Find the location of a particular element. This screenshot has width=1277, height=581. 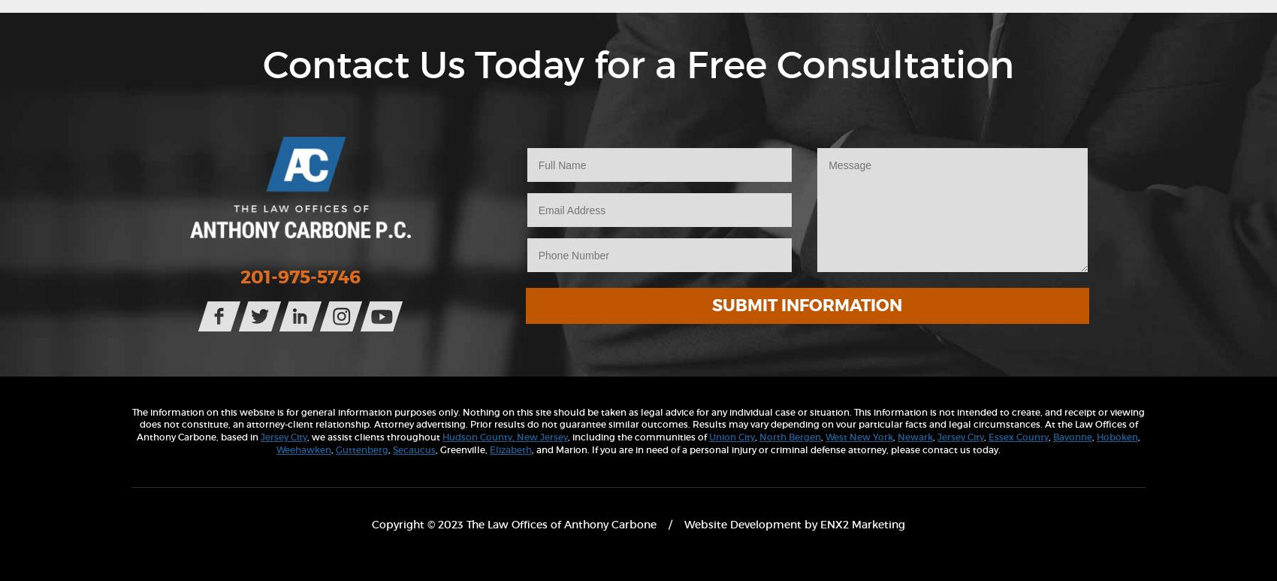

'Elizabeth' is located at coordinates (511, 449).